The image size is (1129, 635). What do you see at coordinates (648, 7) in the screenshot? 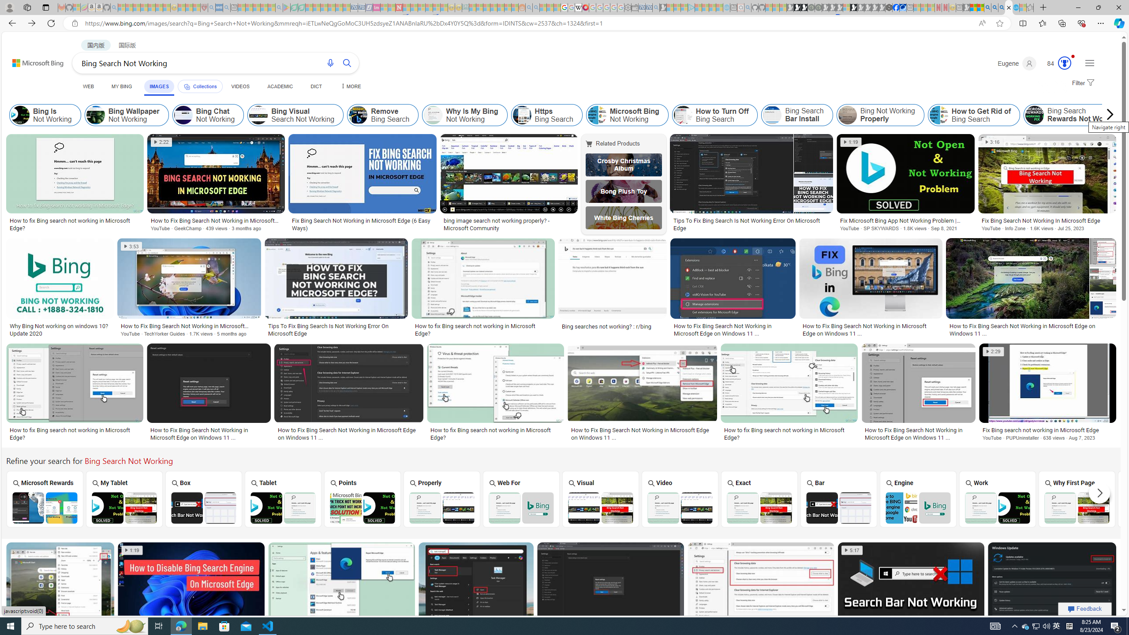
I see `'Cheap Car Rentals - Save70.com - Sleeping'` at bounding box center [648, 7].